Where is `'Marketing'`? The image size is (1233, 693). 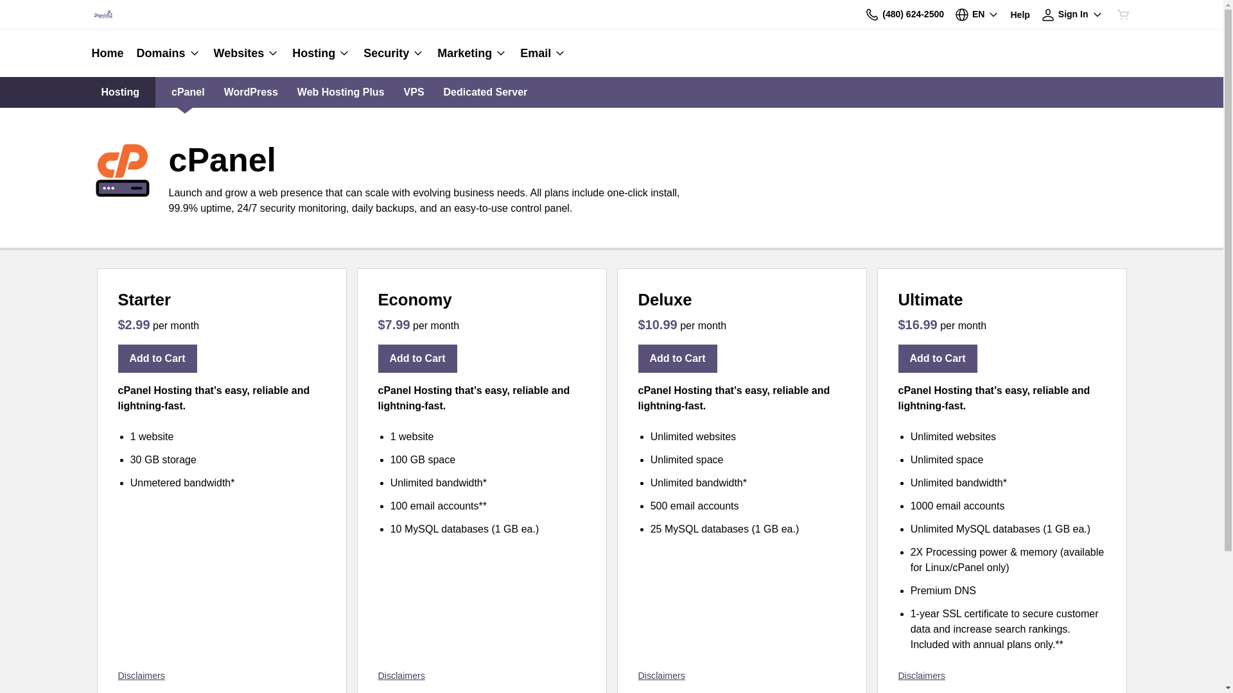 'Marketing' is located at coordinates (471, 53).